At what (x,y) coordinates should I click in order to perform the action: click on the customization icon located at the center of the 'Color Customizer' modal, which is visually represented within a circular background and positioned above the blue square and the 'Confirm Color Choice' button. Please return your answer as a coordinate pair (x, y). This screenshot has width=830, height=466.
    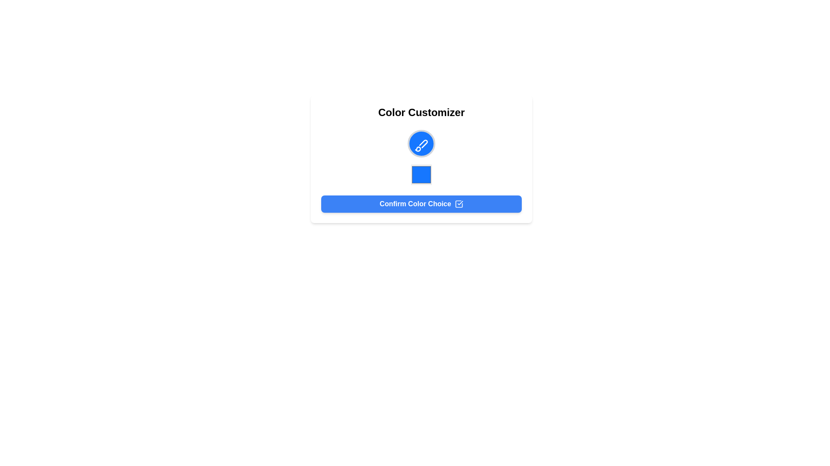
    Looking at the image, I should click on (421, 145).